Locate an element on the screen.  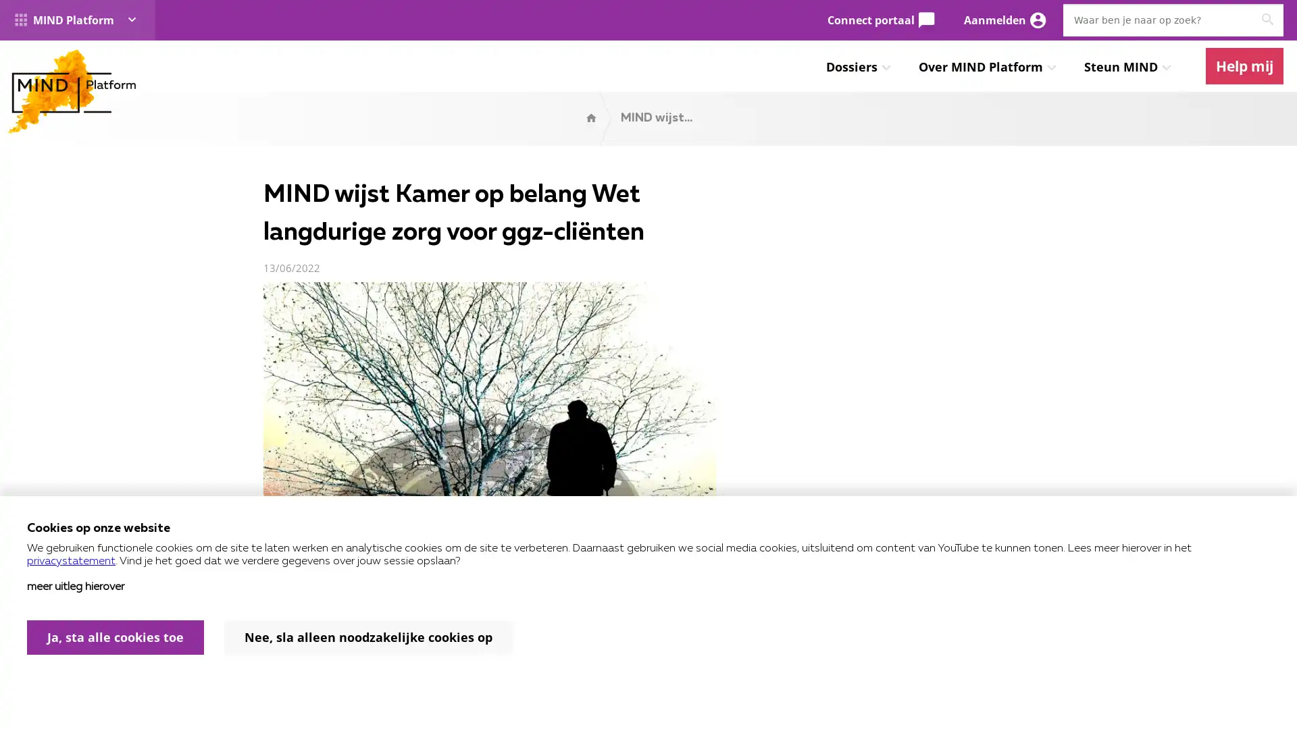
Nee, sla alleen noodzakelijke cookies op is located at coordinates (368, 637).